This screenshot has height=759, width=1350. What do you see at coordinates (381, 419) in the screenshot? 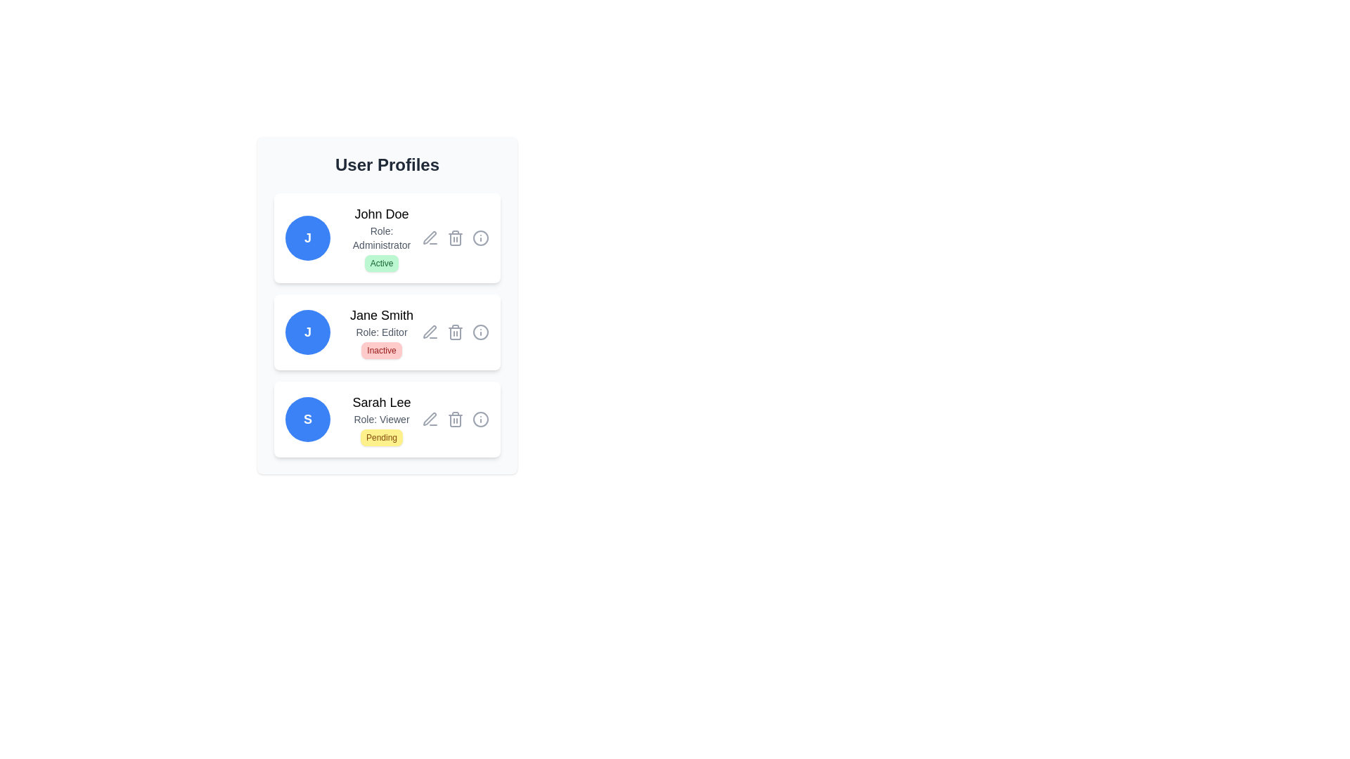
I see `the text block displaying 'Sarah Lee', which includes the role 'Role: Viewer' and the status 'Pending' in a yellow badge, located in the bottommost user profile section` at bounding box center [381, 419].